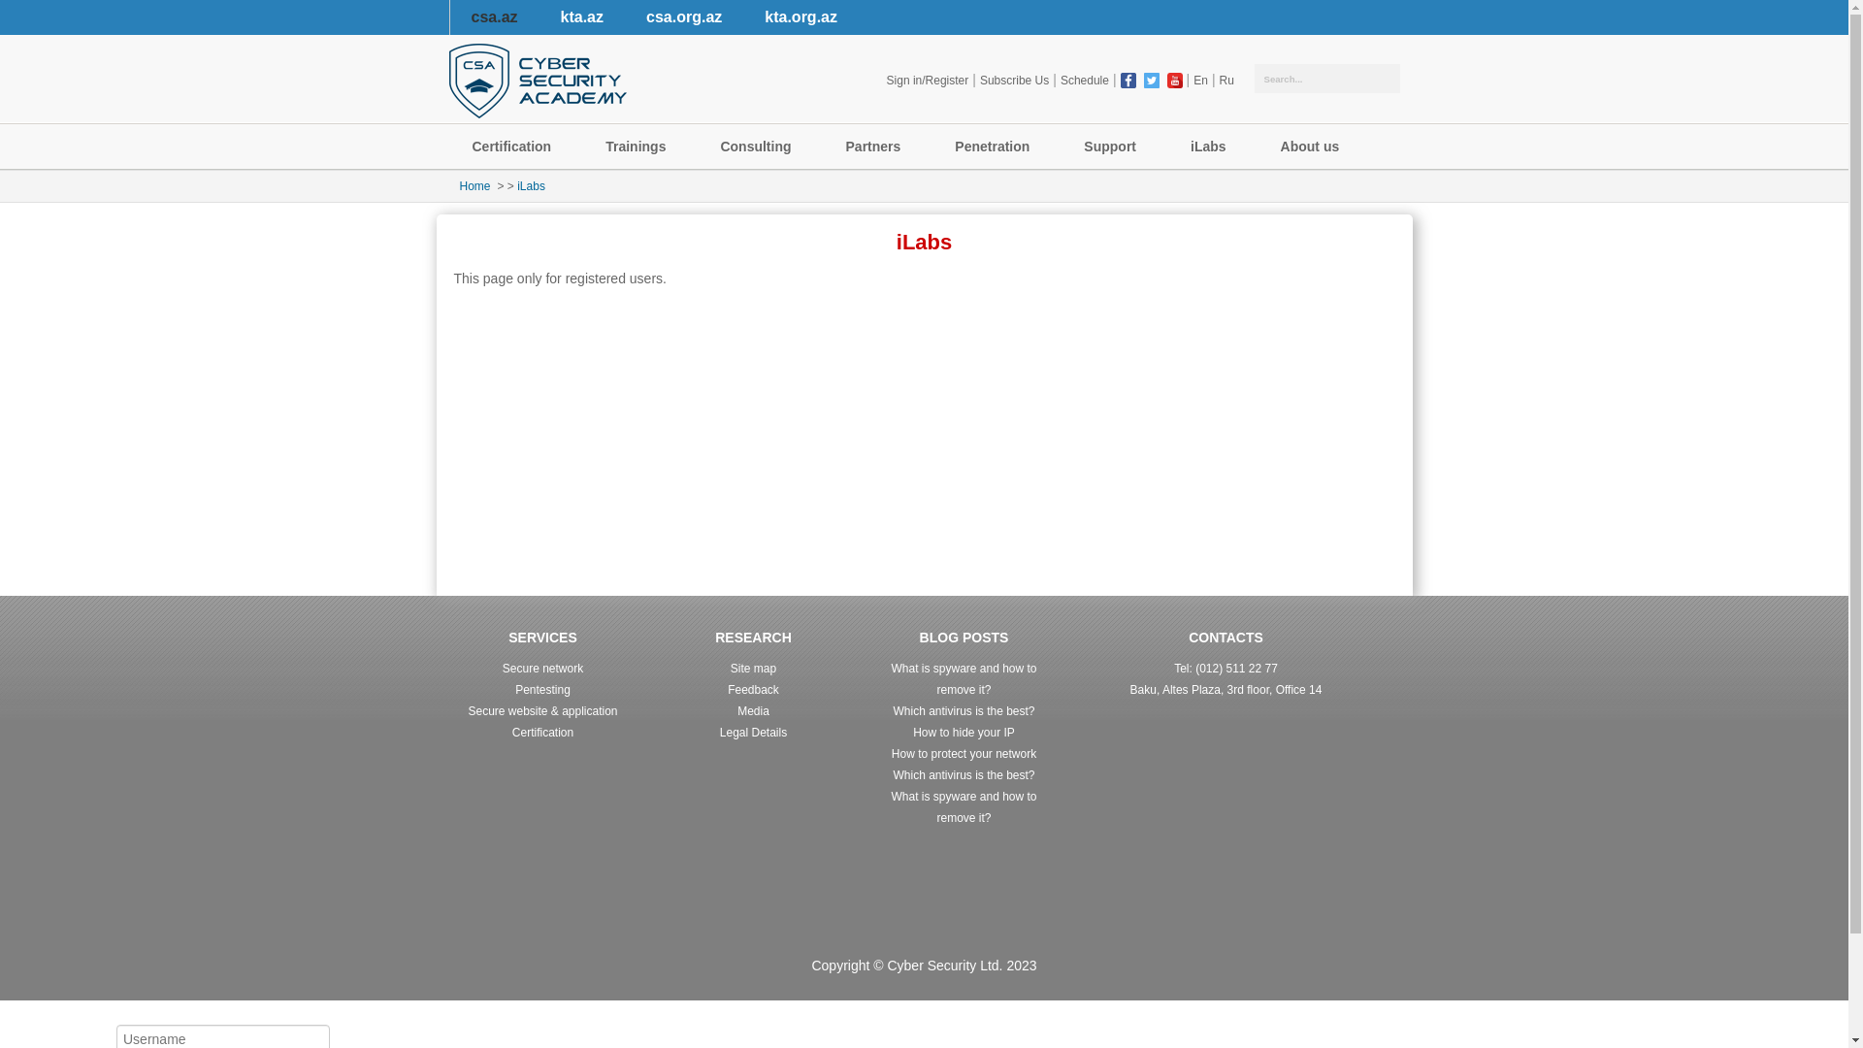  Describe the element at coordinates (1314, 146) in the screenshot. I see `'About us'` at that location.